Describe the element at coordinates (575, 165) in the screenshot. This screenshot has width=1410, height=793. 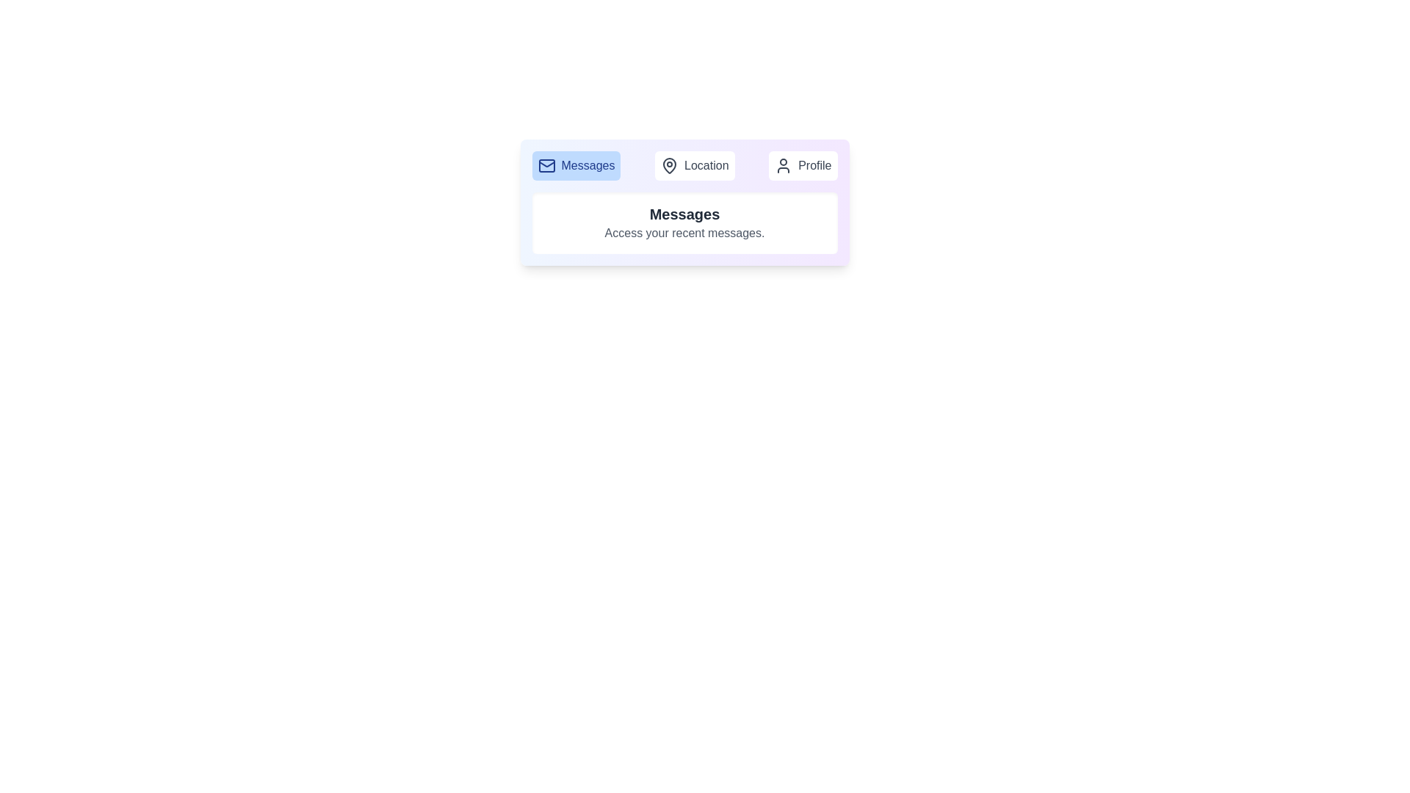
I see `the Messages tab by clicking on its button` at that location.